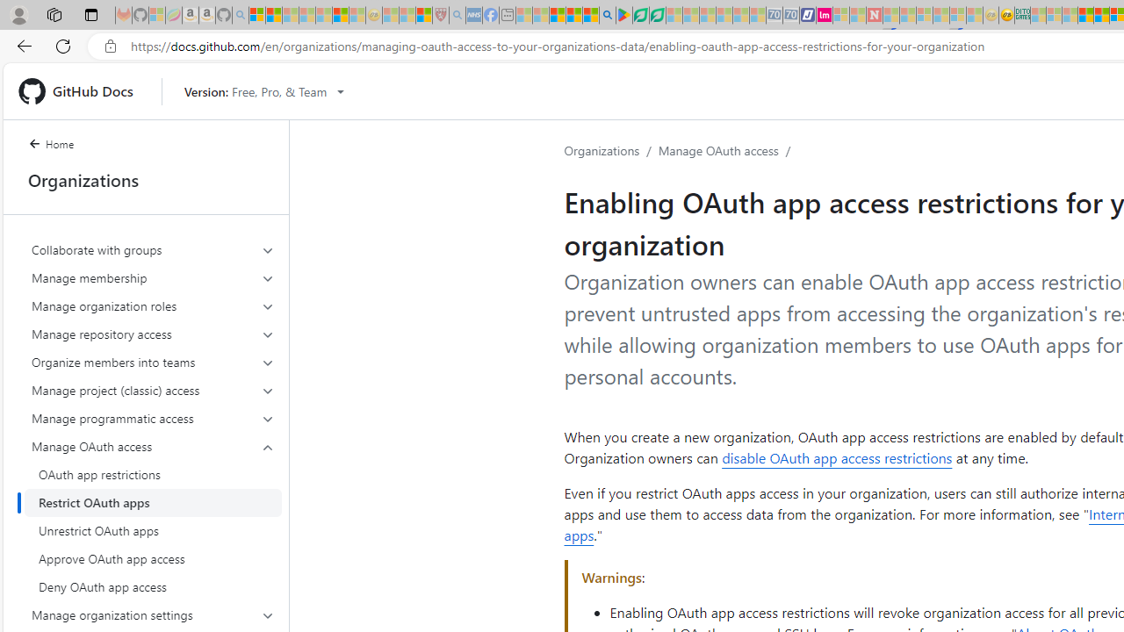 This screenshot has height=632, width=1124. I want to click on 'Bluey: Let', so click(624, 15).